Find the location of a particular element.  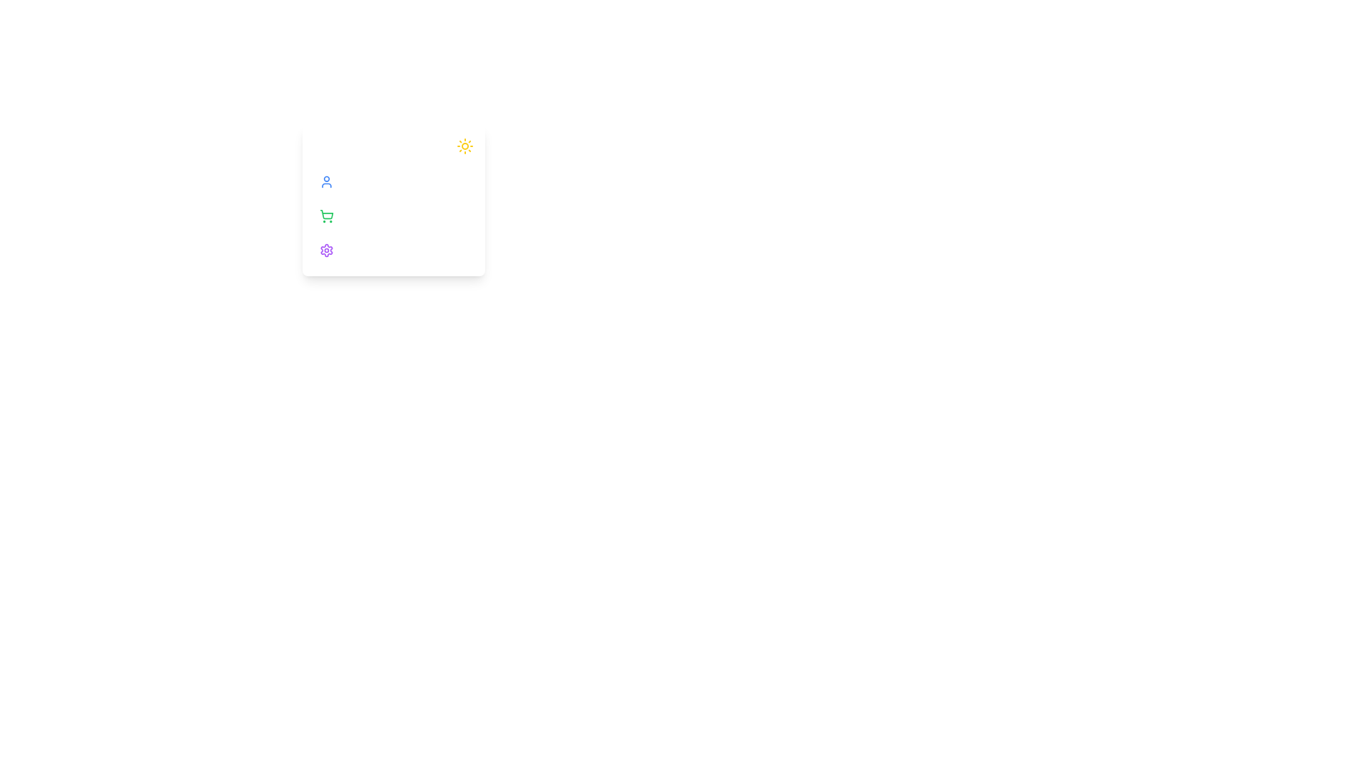

the sidebar option Cart is located at coordinates (394, 216).